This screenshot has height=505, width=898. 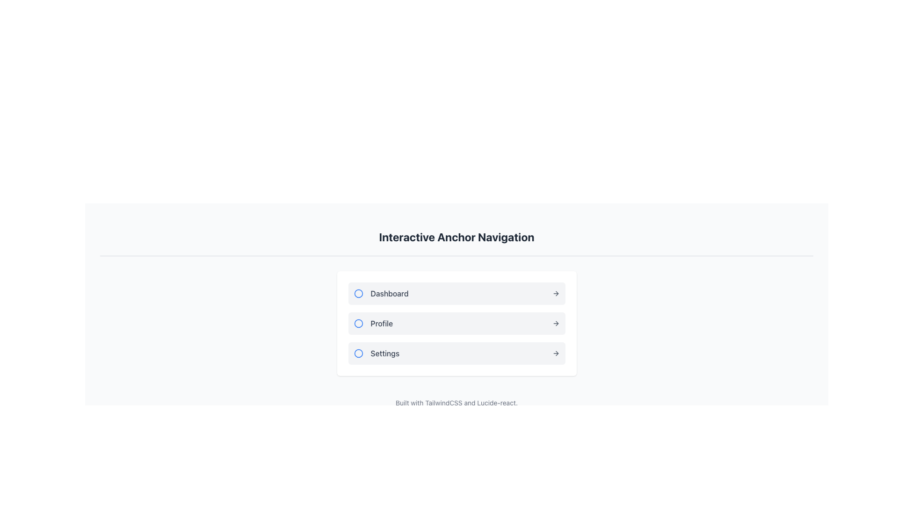 I want to click on the visual marker indicating the selected state of the 'Dashboard' option in the navigation menu, which is the first circular marker associated with the 'Dashboard' text, so click(x=358, y=293).